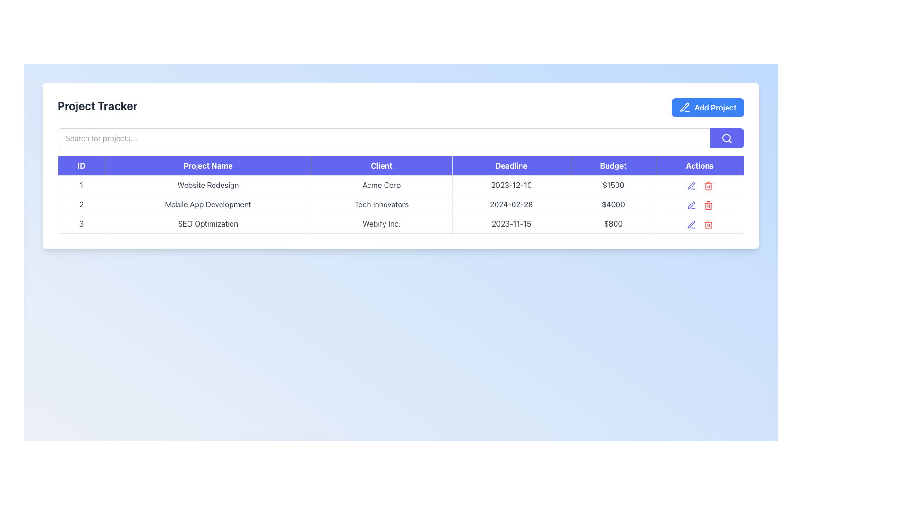  I want to click on the 'Webify Inc.' text label located in the third column of the table row labeled '3' under 'SEO Optimization', so click(381, 224).